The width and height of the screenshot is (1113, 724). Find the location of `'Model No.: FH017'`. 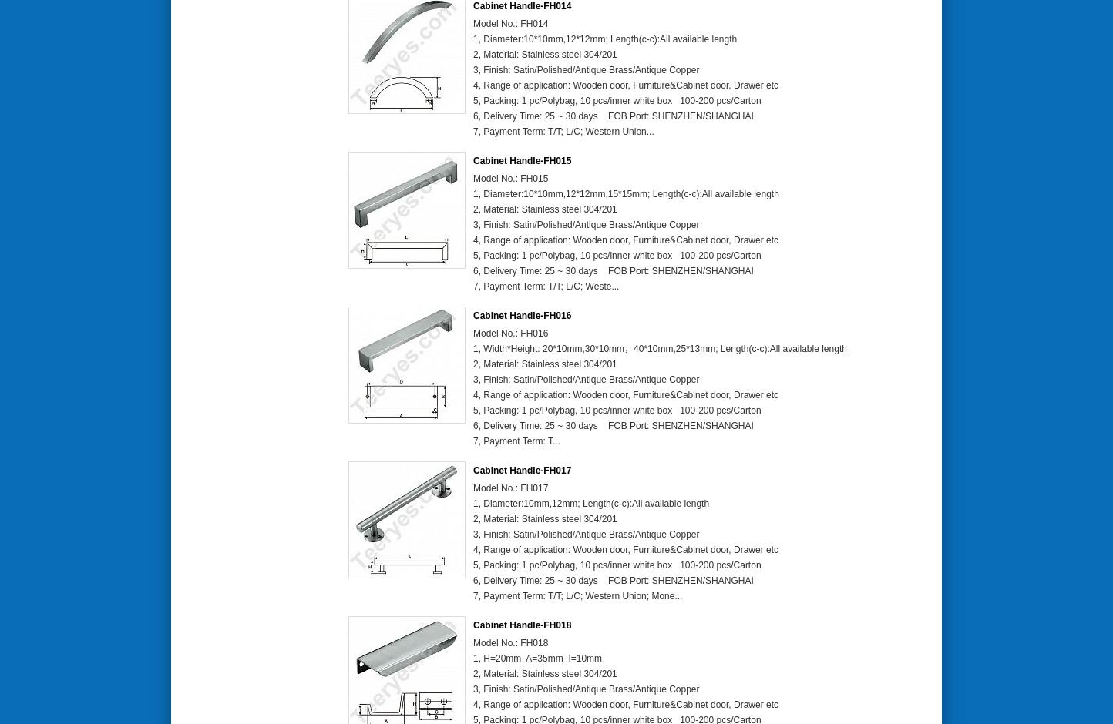

'Model No.: FH017' is located at coordinates (510, 488).